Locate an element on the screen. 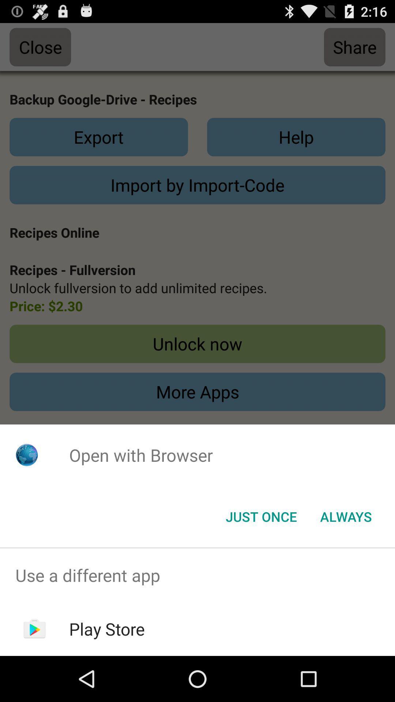 The width and height of the screenshot is (395, 702). the item at the bottom right corner is located at coordinates (346, 516).